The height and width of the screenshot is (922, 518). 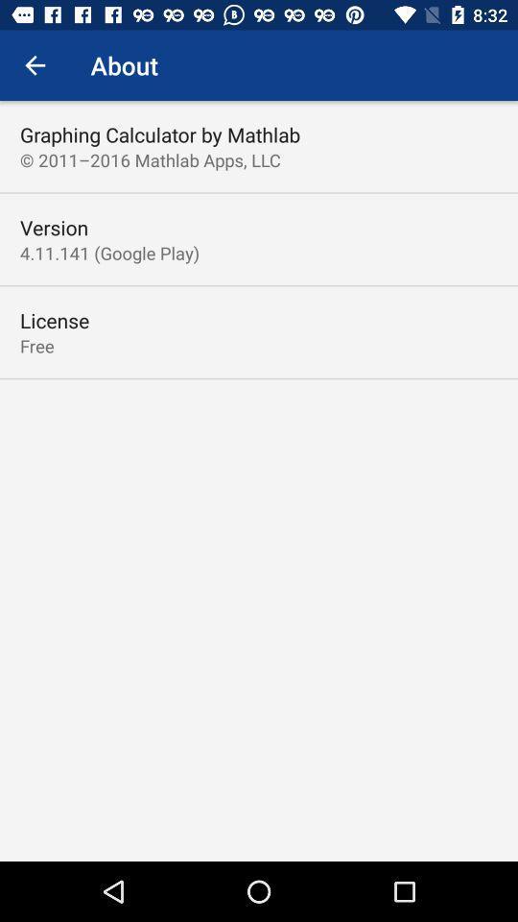 I want to click on the 2011 2016 mathlab, so click(x=149, y=158).